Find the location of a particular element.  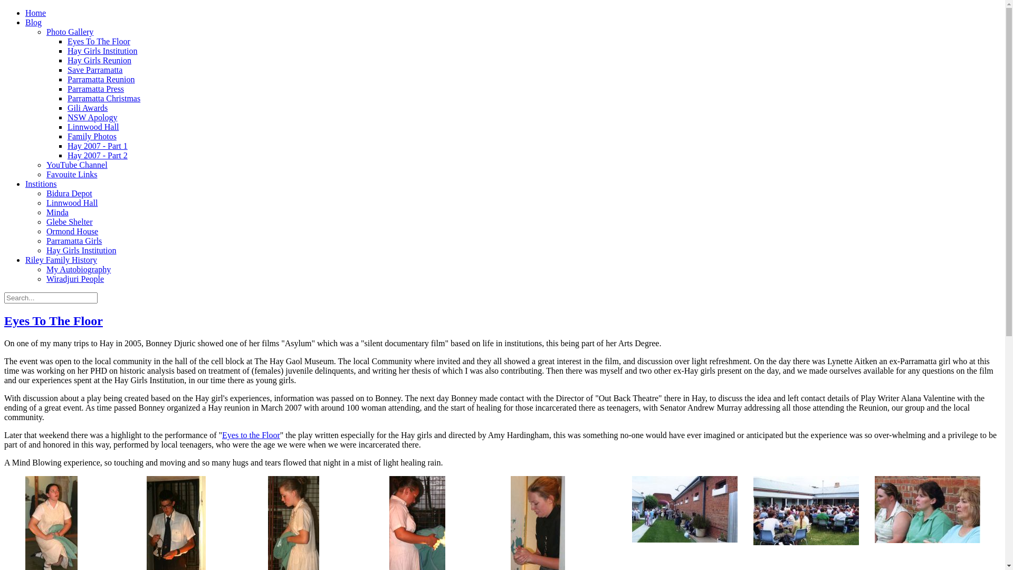

'Photo Gallery' is located at coordinates (69, 31).